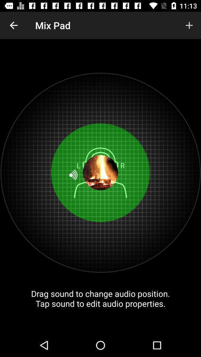 This screenshot has width=201, height=357. Describe the element at coordinates (189, 25) in the screenshot. I see `icon to the right of mix pad icon` at that location.